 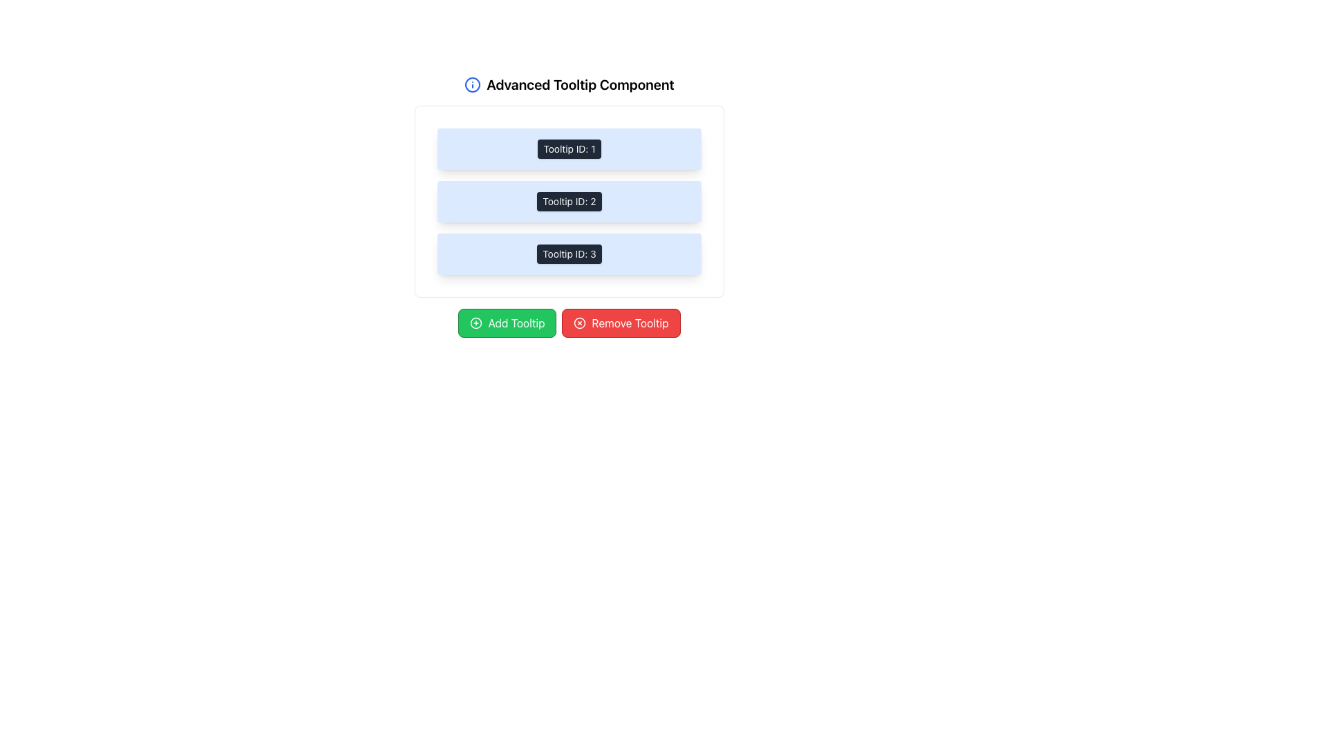 What do you see at coordinates (476, 323) in the screenshot?
I see `the circular element that is part of the plus sign icon located to the left of the green 'Add Tooltip' button` at bounding box center [476, 323].